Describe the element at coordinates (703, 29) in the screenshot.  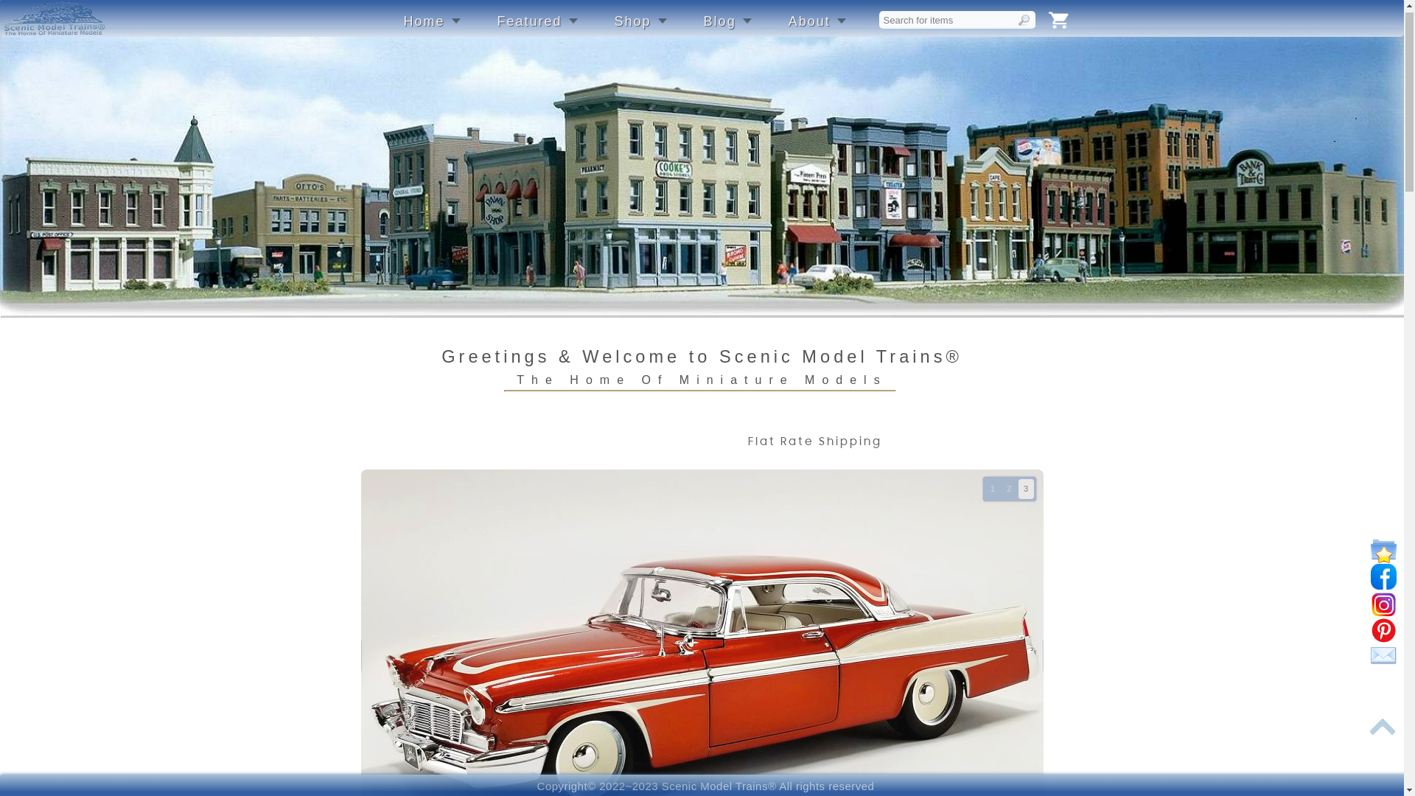
I see `'Blog'` at that location.